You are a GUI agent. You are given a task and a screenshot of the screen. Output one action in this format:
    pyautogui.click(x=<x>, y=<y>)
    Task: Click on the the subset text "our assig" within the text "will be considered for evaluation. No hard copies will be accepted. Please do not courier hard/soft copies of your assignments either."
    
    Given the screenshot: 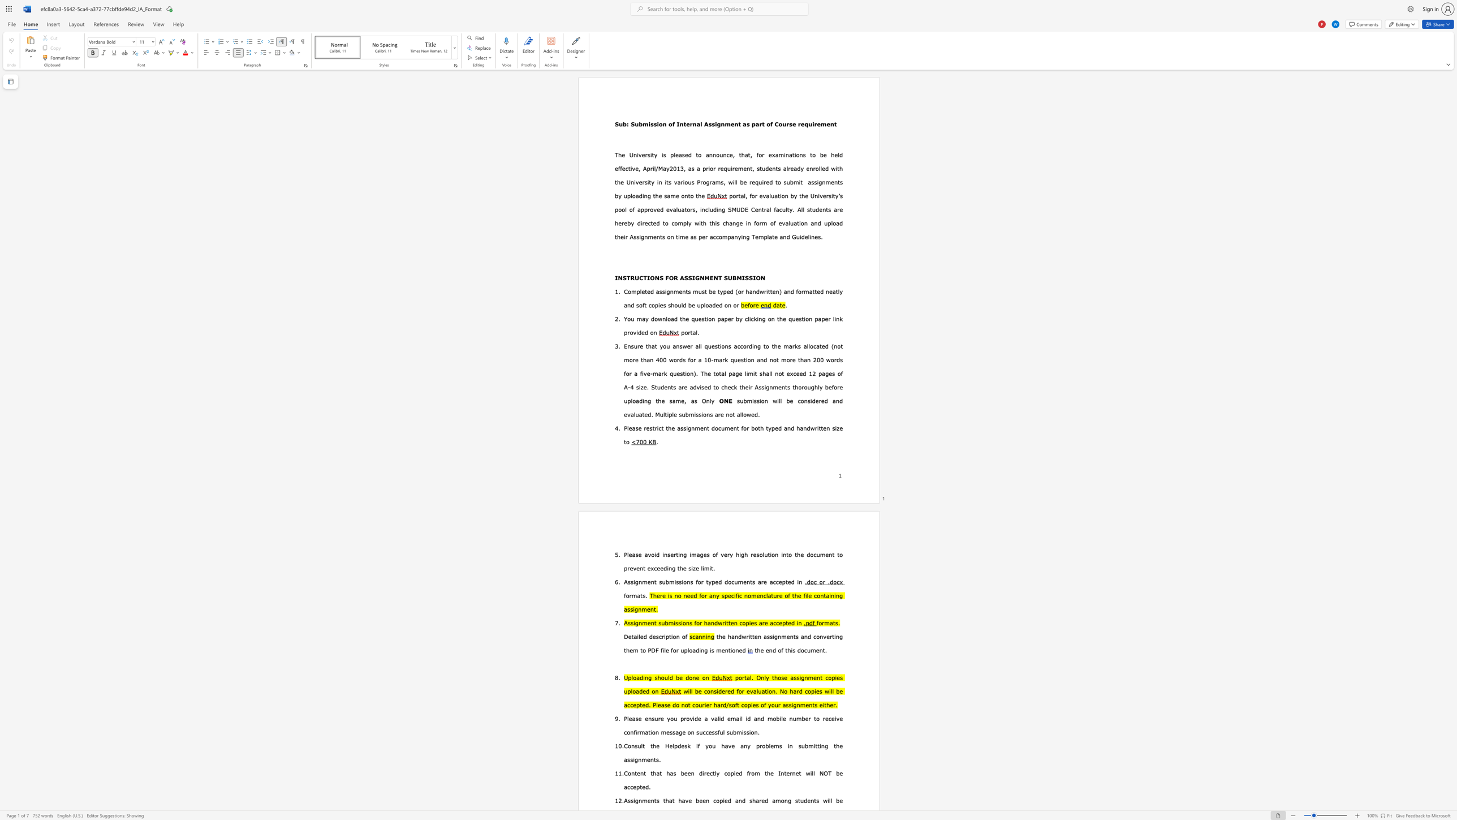 What is the action you would take?
    pyautogui.click(x=770, y=704)
    